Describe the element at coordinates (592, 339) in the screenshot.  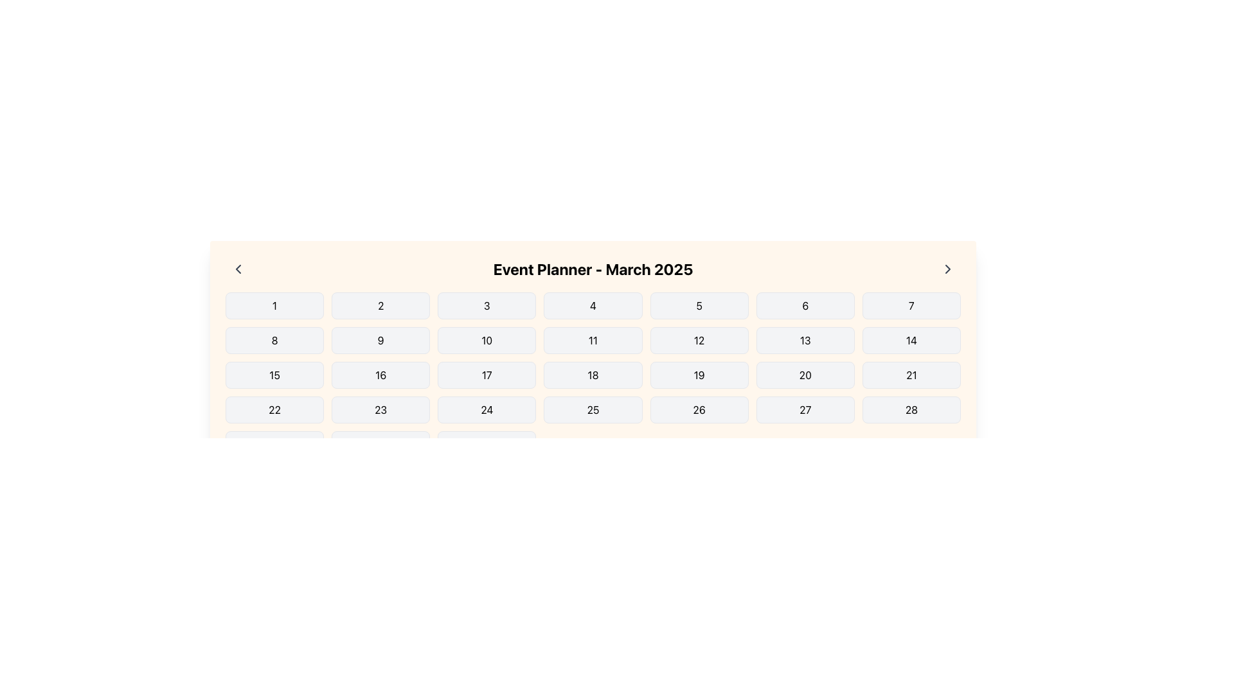
I see `the selectable date button located in the second row and fourth column of the calendar widget, which is bordered by '10' on the left and '12' on the right` at that location.